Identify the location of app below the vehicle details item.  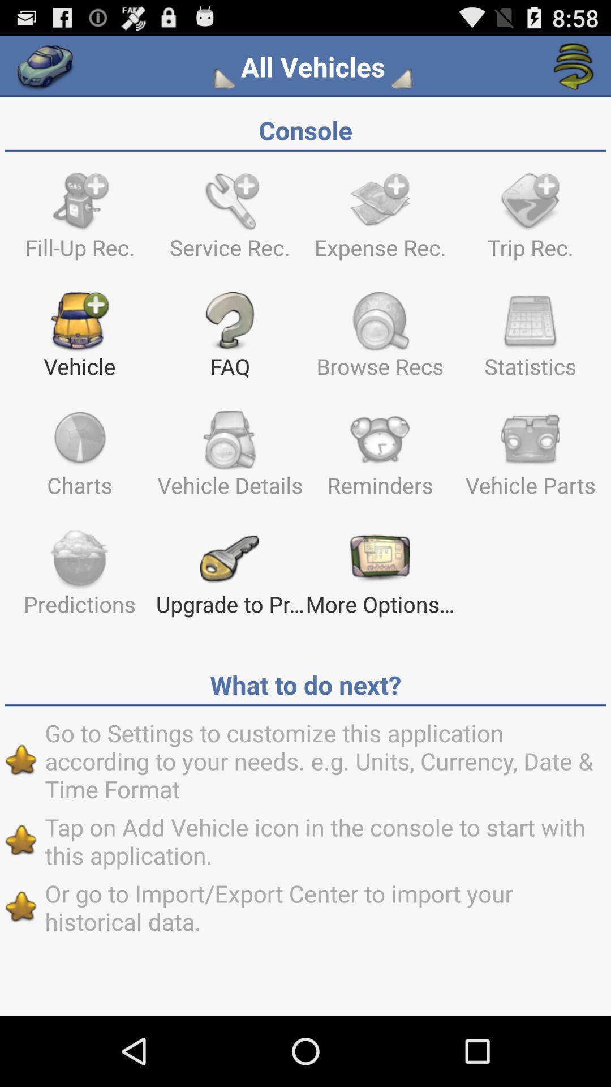
(380, 578).